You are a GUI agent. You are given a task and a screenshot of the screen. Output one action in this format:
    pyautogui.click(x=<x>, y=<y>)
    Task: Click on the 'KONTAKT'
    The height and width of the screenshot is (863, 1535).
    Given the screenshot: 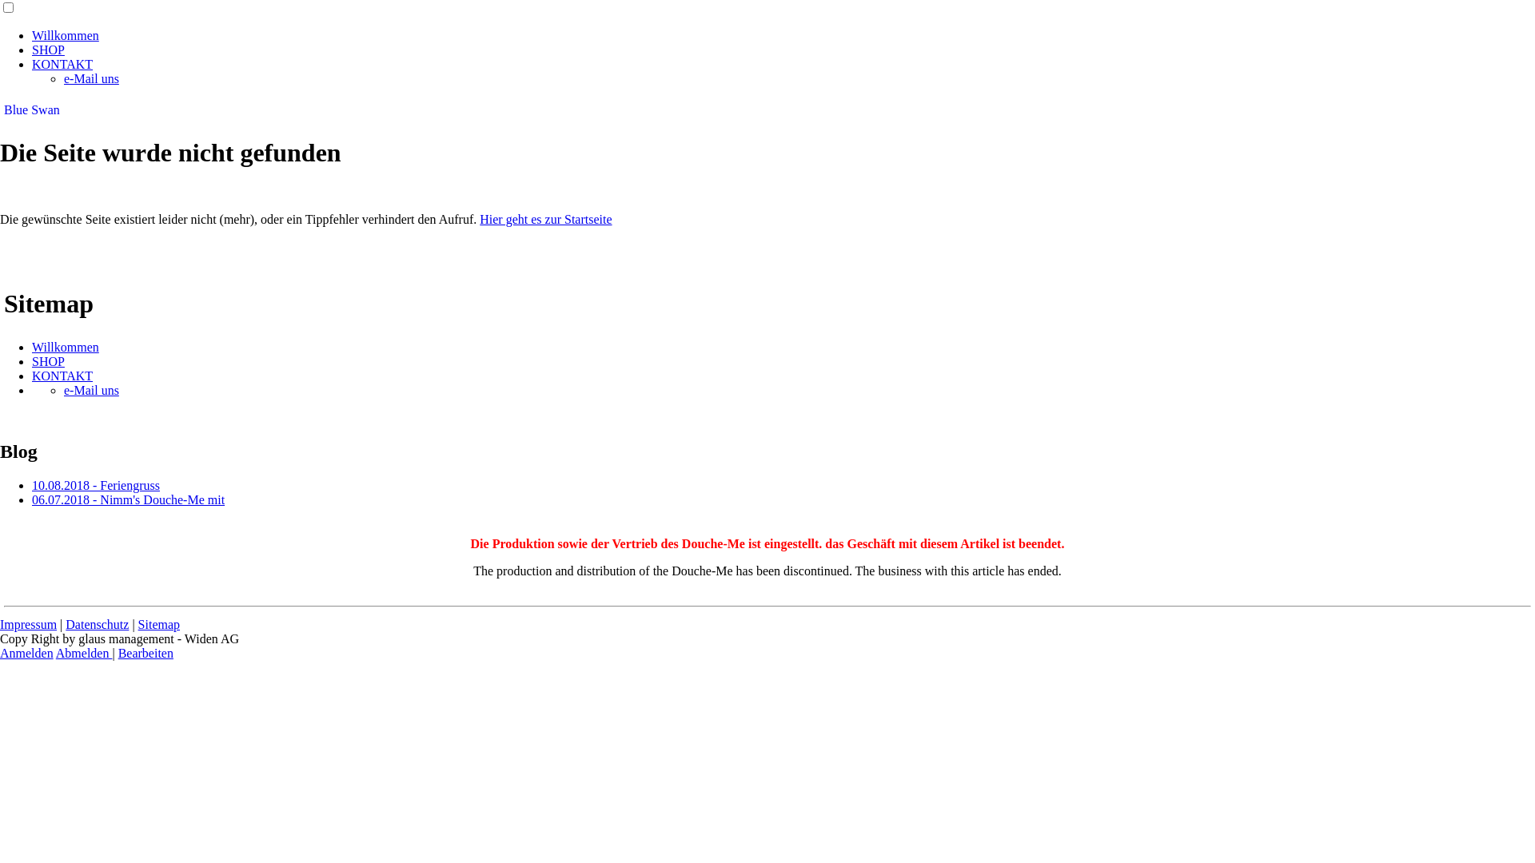 What is the action you would take?
    pyautogui.click(x=62, y=63)
    